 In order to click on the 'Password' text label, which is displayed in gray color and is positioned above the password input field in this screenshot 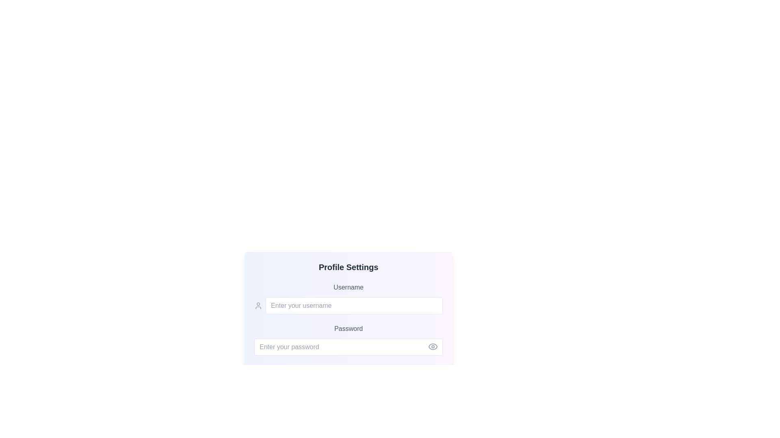, I will do `click(349, 328)`.